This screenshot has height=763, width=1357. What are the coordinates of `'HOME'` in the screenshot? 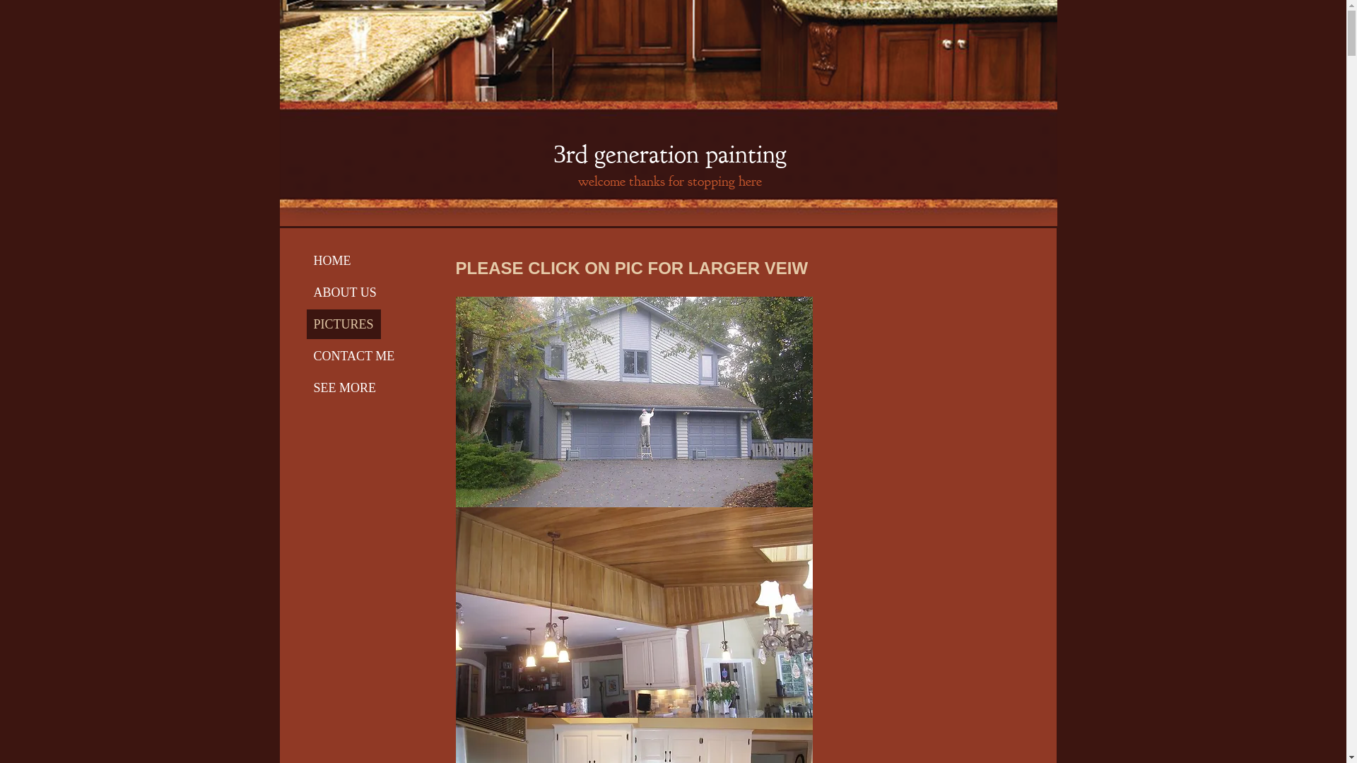 It's located at (305, 261).